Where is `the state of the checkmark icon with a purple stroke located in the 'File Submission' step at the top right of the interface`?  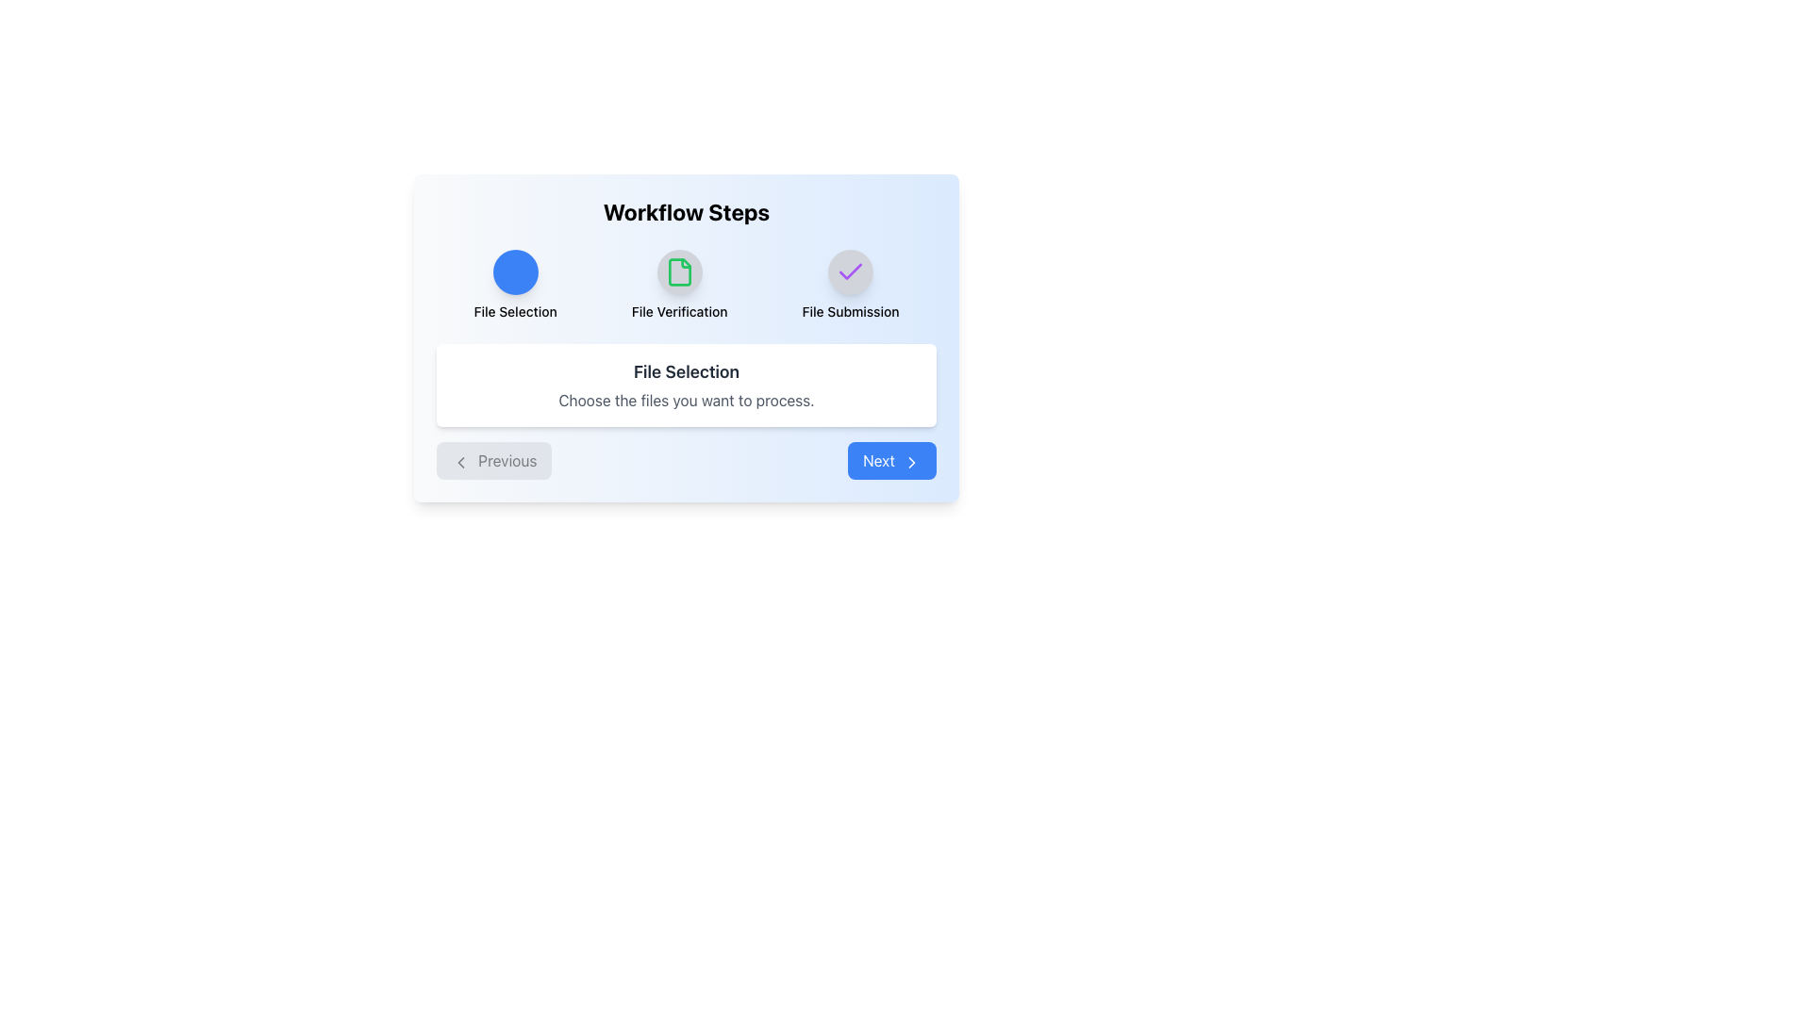
the state of the checkmark icon with a purple stroke located in the 'File Submission' step at the top right of the interface is located at coordinates (850, 271).